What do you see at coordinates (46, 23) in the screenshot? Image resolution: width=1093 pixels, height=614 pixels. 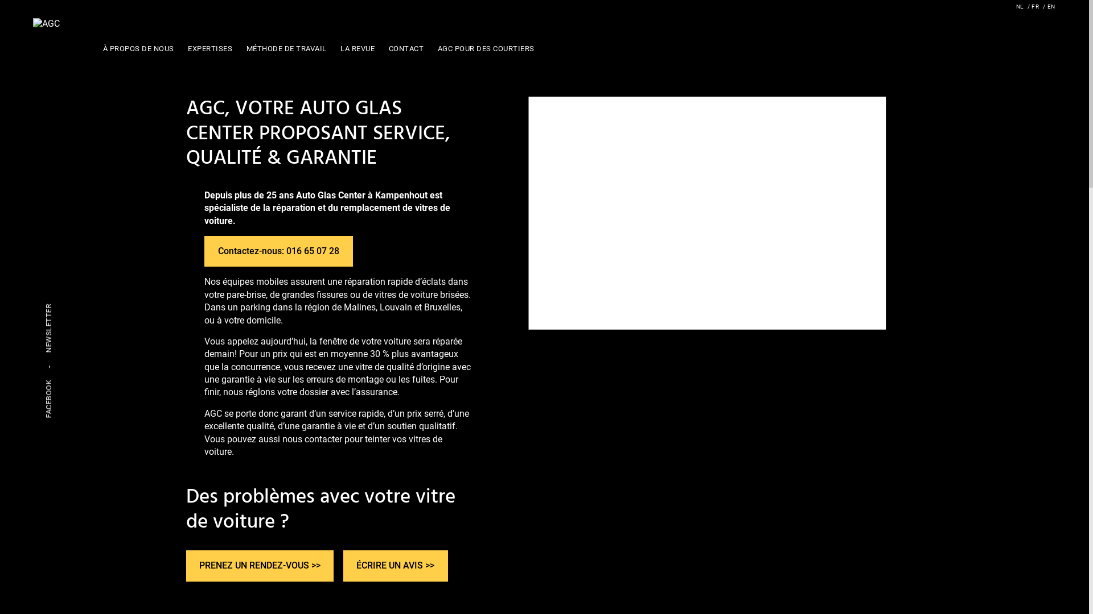 I see `'AGC'` at bounding box center [46, 23].